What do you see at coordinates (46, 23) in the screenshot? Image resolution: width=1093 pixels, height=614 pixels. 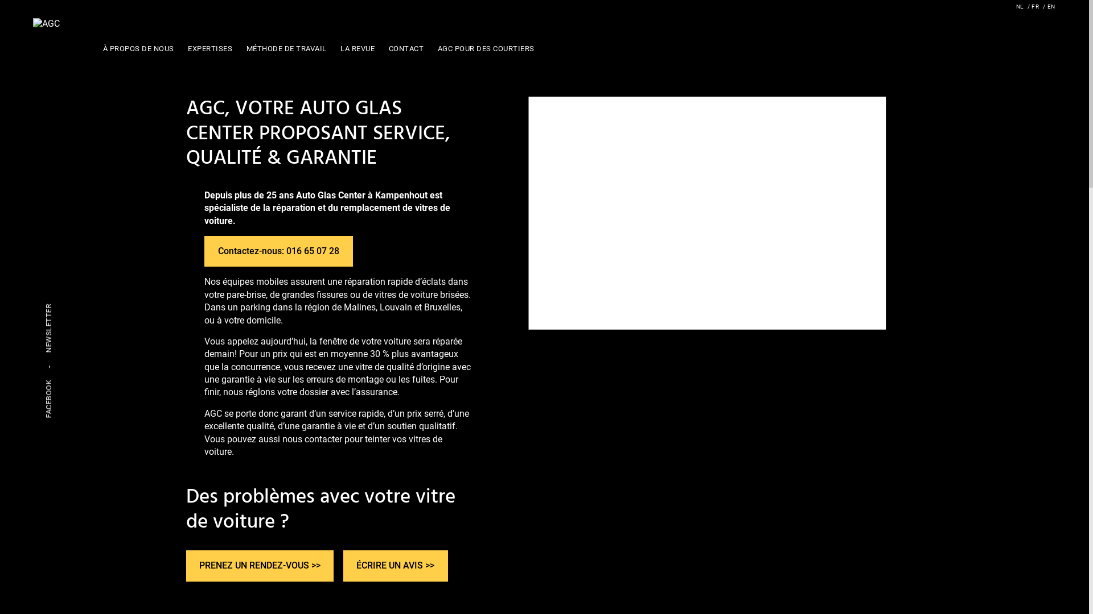 I see `'AGC'` at bounding box center [46, 23].